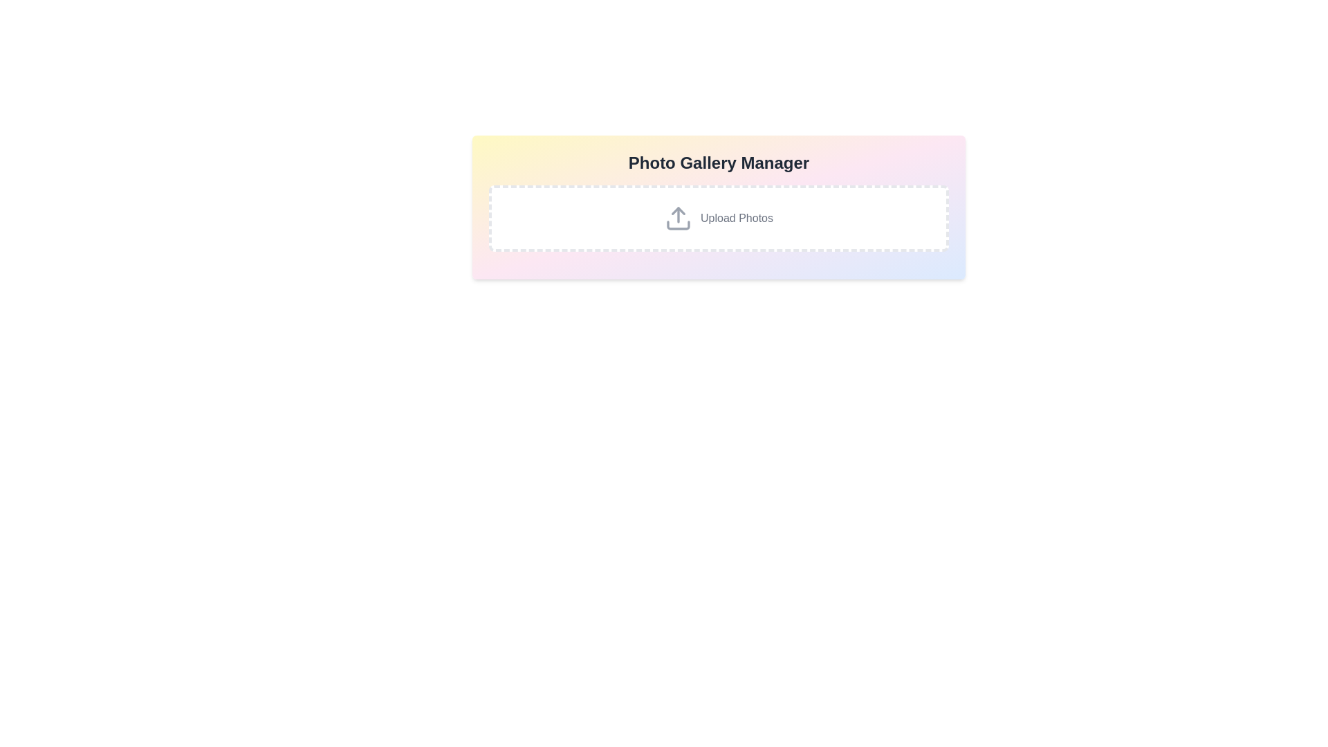 The width and height of the screenshot is (1328, 747). What do you see at coordinates (678, 211) in the screenshot?
I see `the triangular component of the upload icon, which signifies upward motion and is positioned at the upper part of the larger upload icon` at bounding box center [678, 211].